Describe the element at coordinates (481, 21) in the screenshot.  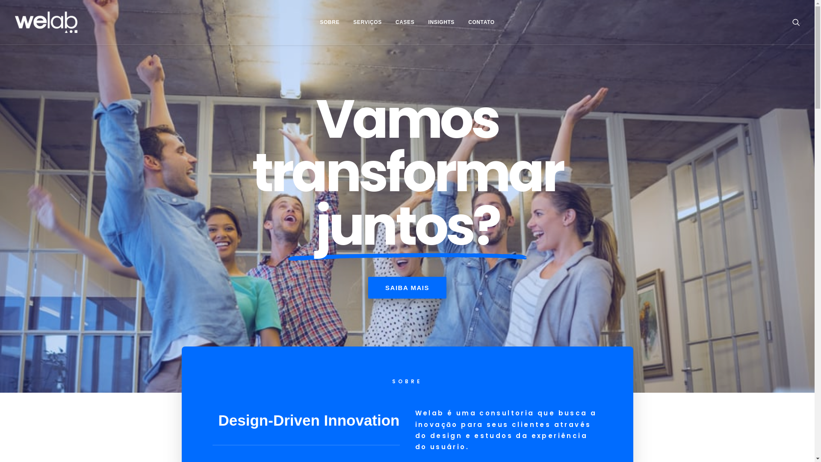
I see `'CONTATO'` at that location.